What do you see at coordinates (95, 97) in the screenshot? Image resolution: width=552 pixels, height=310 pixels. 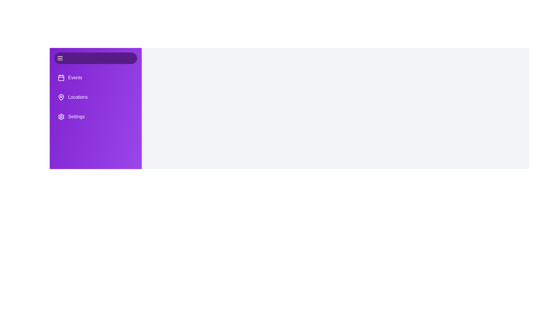 I see `the menu item Locations to observe its interactivity` at bounding box center [95, 97].